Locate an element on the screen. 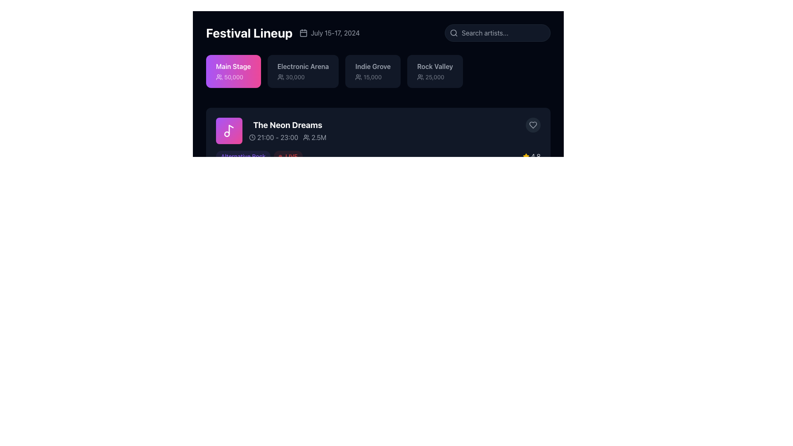 The image size is (793, 446). the icon representing attendees, which is located to the left of the text '30,000' associated with 'Electronic Arena' is located at coordinates (280, 77).